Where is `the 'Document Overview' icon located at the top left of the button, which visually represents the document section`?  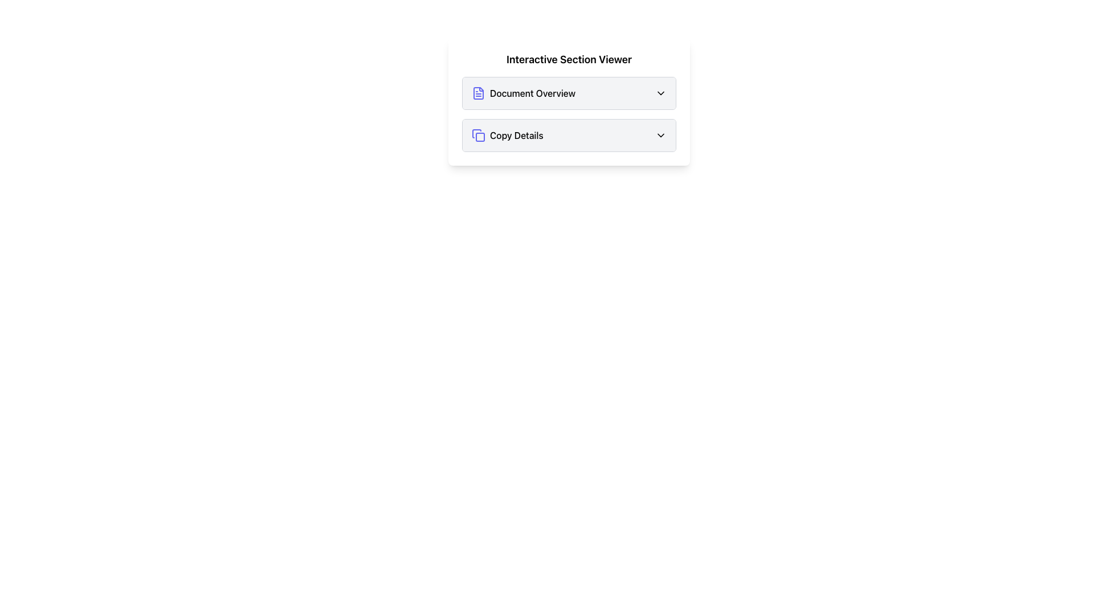 the 'Document Overview' icon located at the top left of the button, which visually represents the document section is located at coordinates (479, 93).